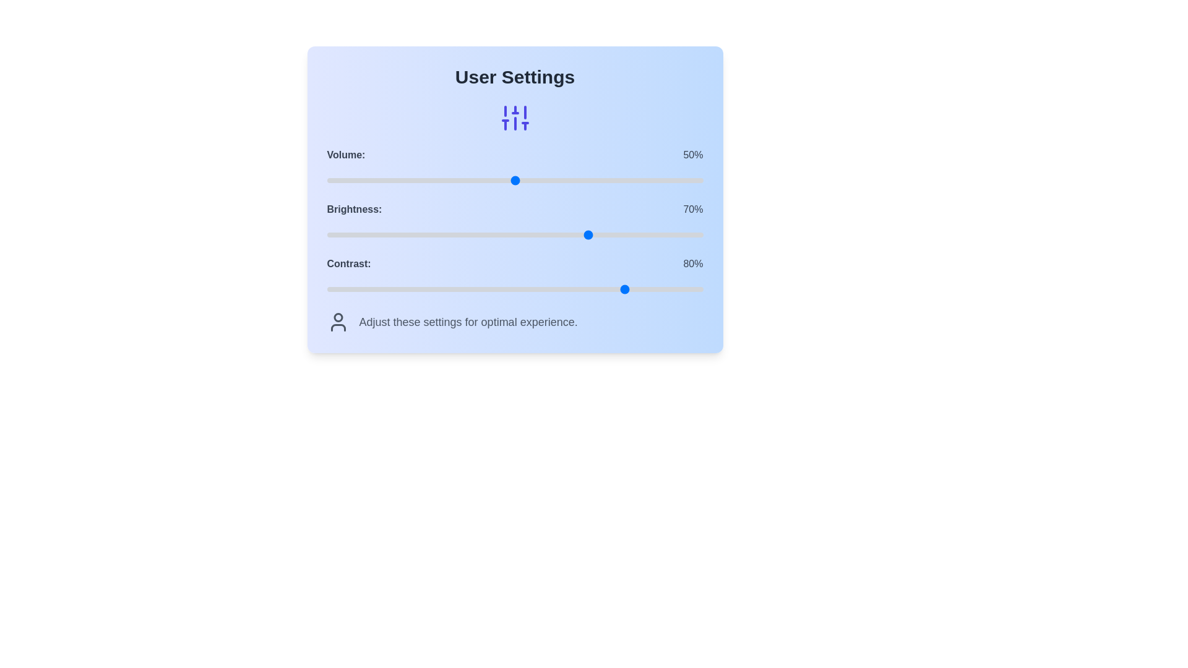  What do you see at coordinates (665, 289) in the screenshot?
I see `contrast` at bounding box center [665, 289].